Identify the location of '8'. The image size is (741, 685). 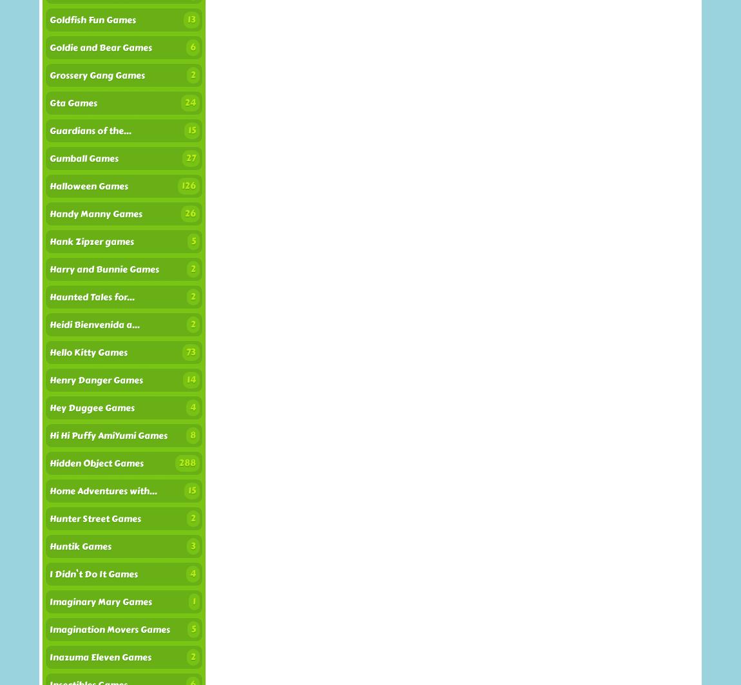
(193, 434).